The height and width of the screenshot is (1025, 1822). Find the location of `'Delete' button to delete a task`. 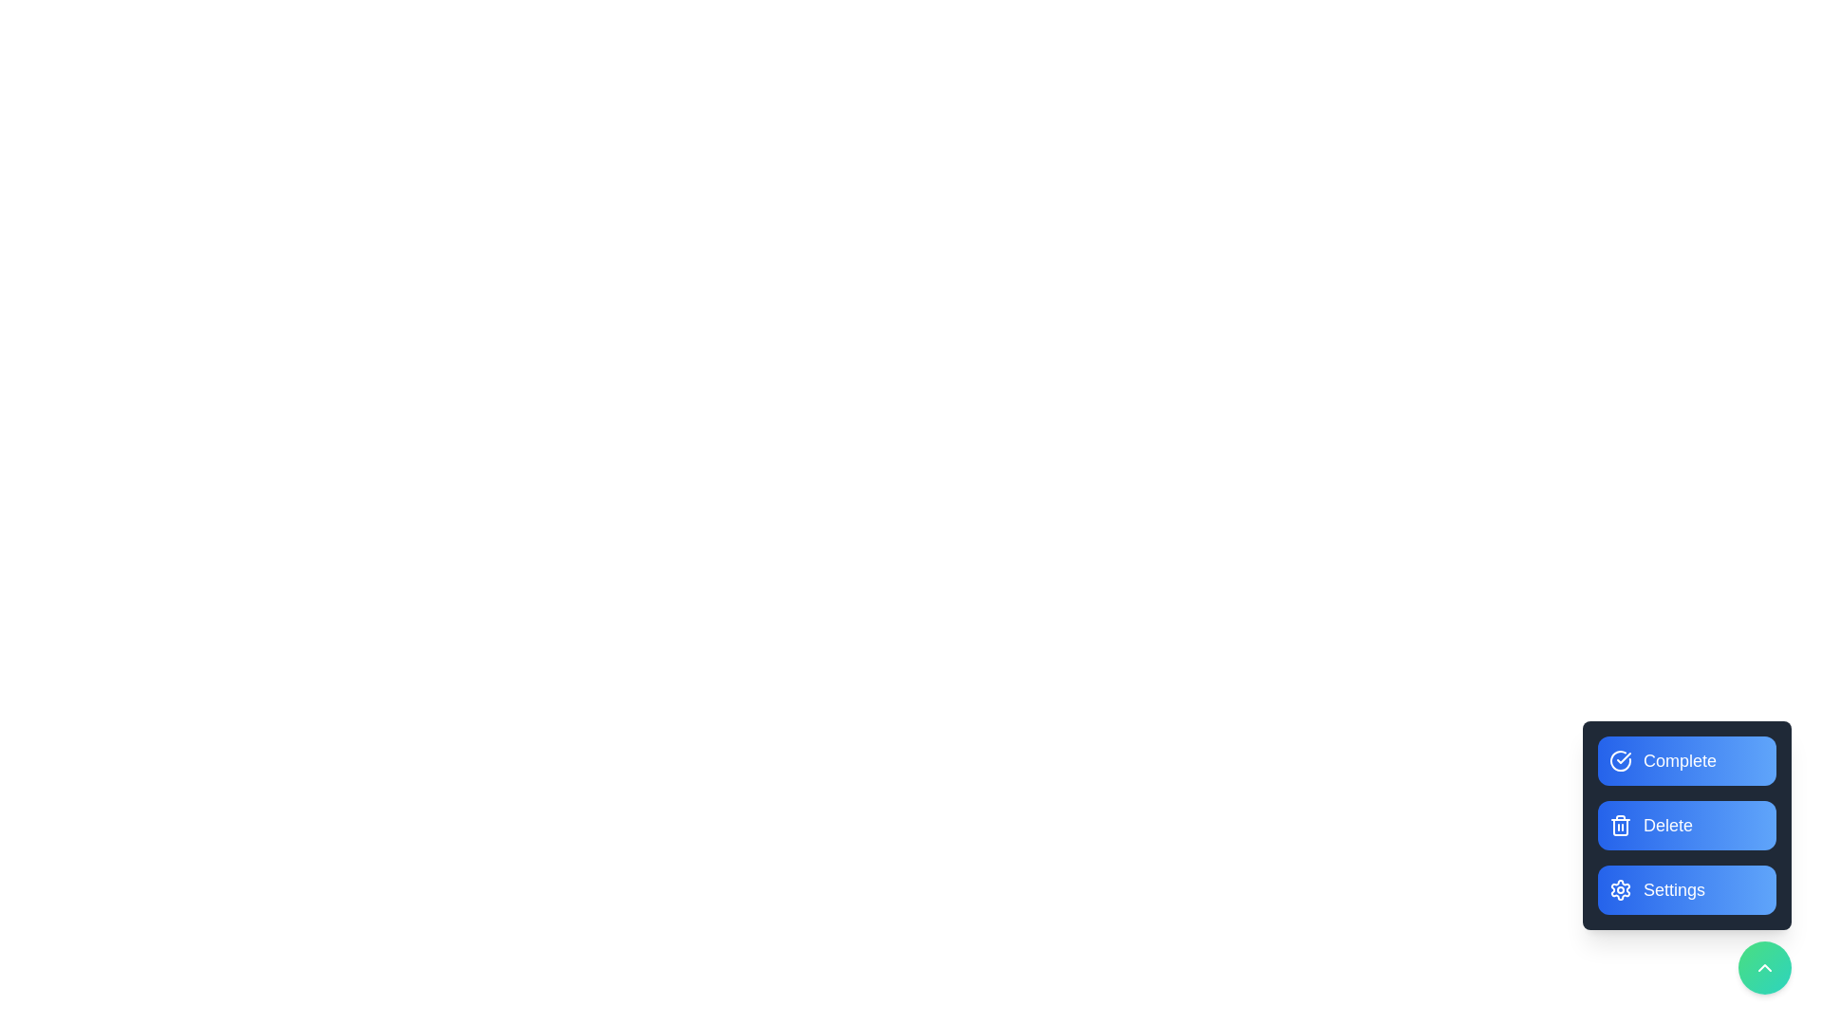

'Delete' button to delete a task is located at coordinates (1686, 825).